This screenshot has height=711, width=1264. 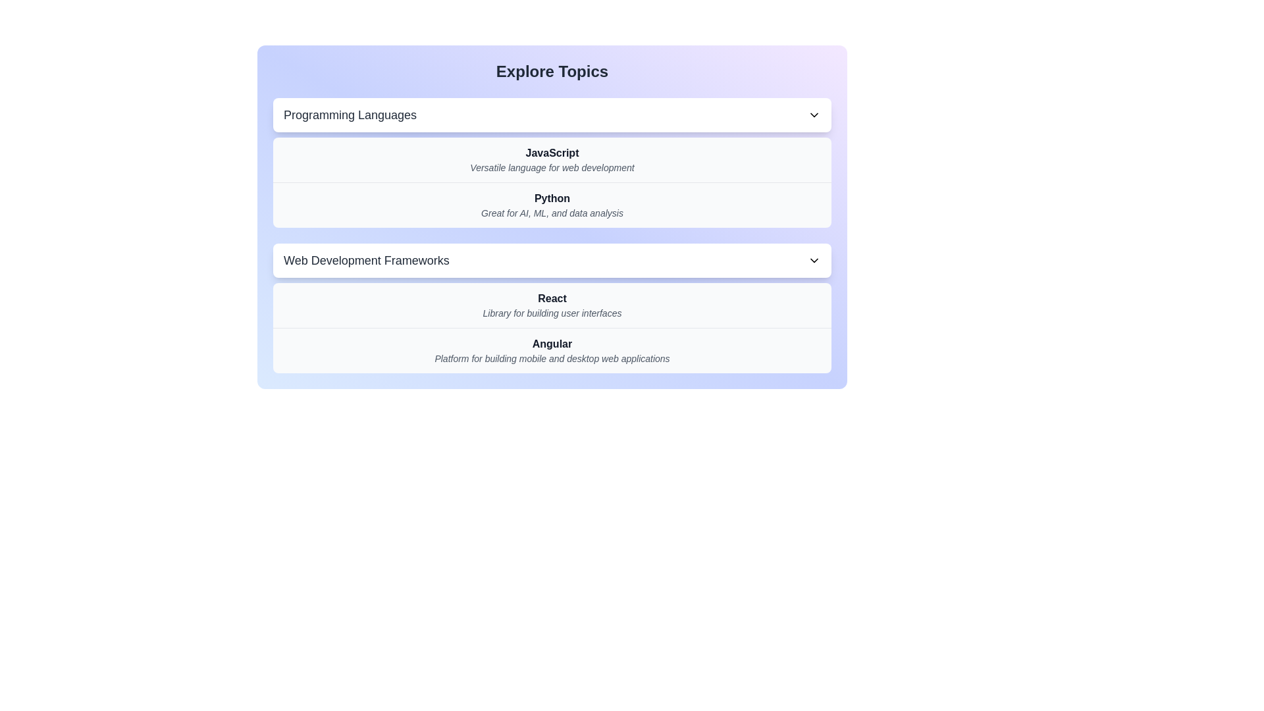 What do you see at coordinates (814, 114) in the screenshot?
I see `the toggle button icon at the far-right end of the 'Programming Languages' card` at bounding box center [814, 114].